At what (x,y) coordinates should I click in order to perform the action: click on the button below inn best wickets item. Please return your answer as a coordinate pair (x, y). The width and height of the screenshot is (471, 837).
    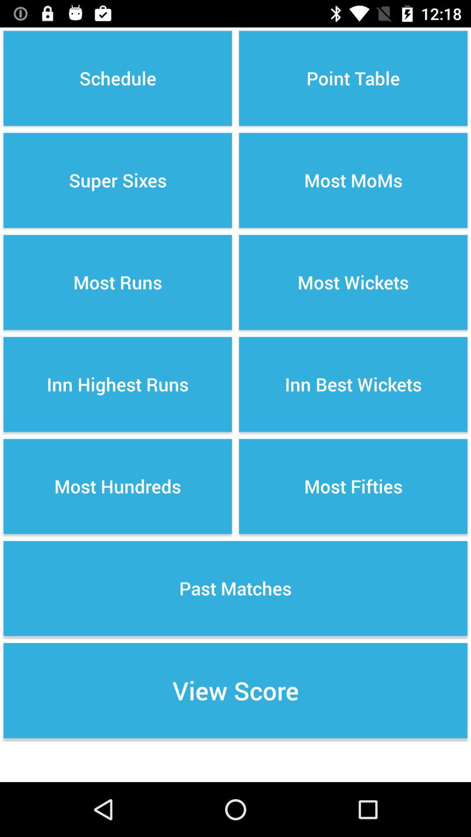
    Looking at the image, I should click on (353, 486).